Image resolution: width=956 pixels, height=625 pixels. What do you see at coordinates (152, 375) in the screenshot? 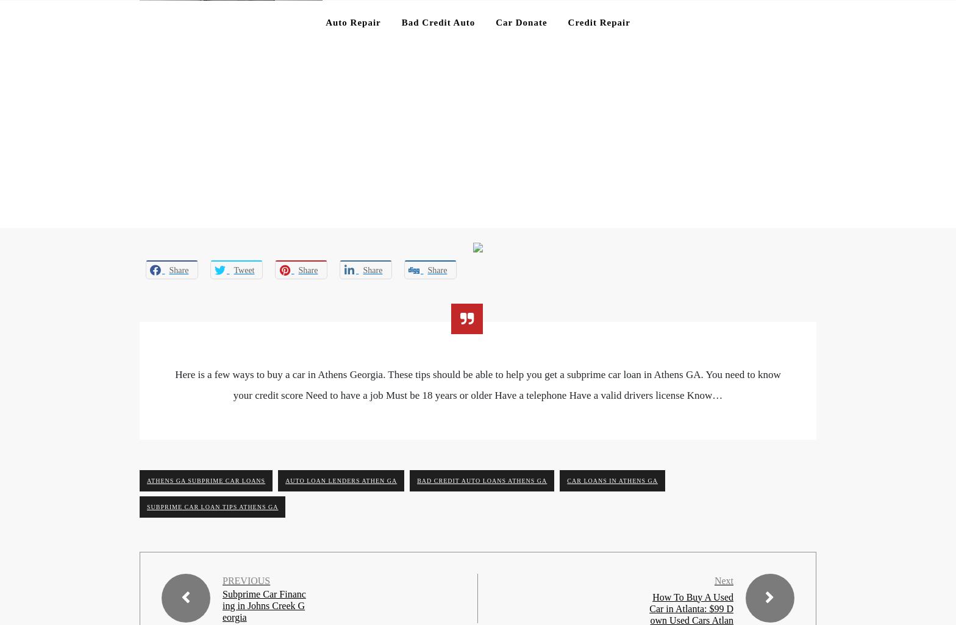
I see `'Email'` at bounding box center [152, 375].